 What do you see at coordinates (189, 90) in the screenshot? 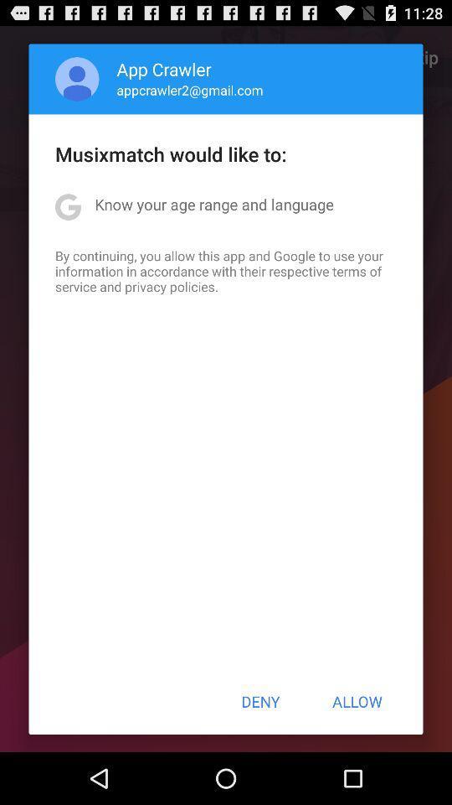
I see `item above musixmatch would like` at bounding box center [189, 90].